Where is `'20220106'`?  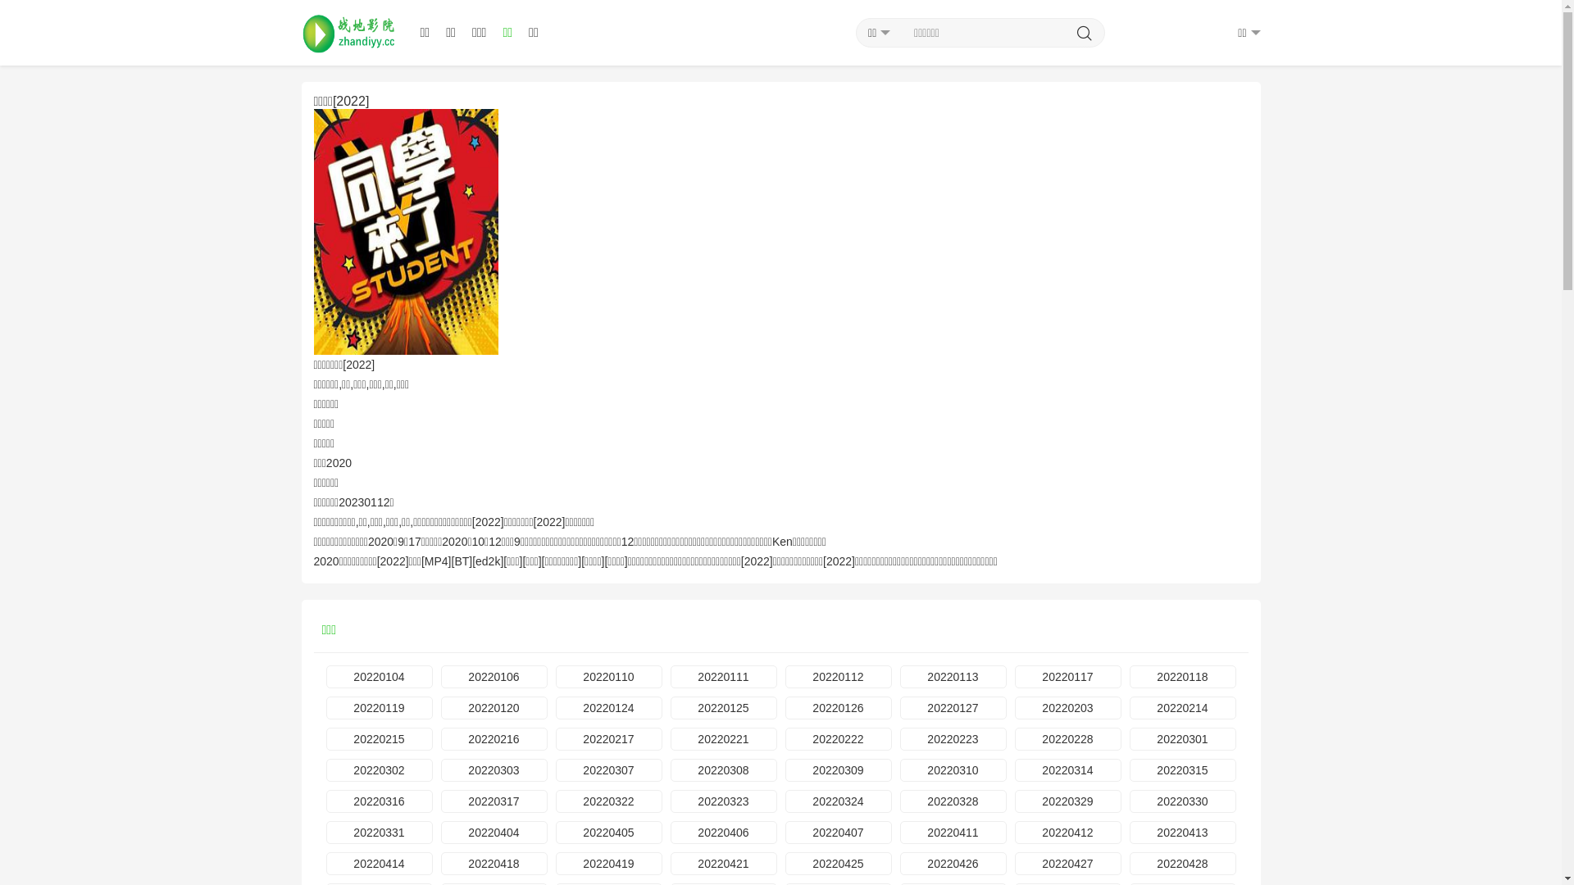
'20220106' is located at coordinates (440, 676).